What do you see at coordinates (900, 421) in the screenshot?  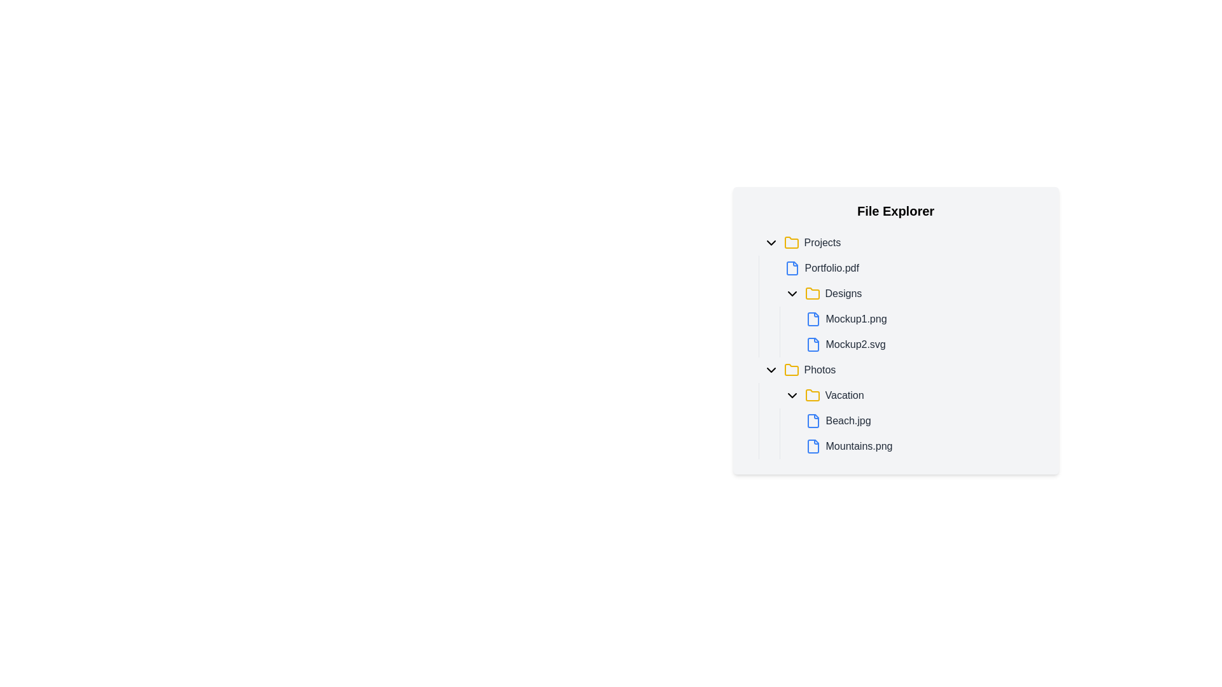 I see `the file names 'Beach.jpg' and 'Mountains.png' in the Textual list under the 'Vacation' folder` at bounding box center [900, 421].